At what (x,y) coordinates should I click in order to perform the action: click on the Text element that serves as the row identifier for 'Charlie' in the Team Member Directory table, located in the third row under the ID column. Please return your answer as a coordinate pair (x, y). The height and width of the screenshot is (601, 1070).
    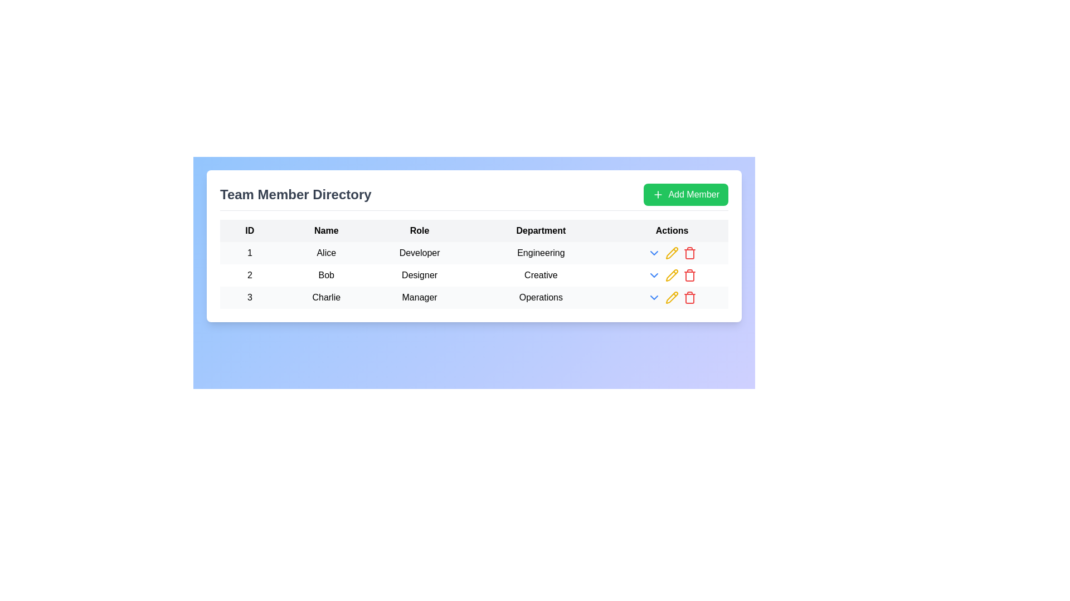
    Looking at the image, I should click on (249, 297).